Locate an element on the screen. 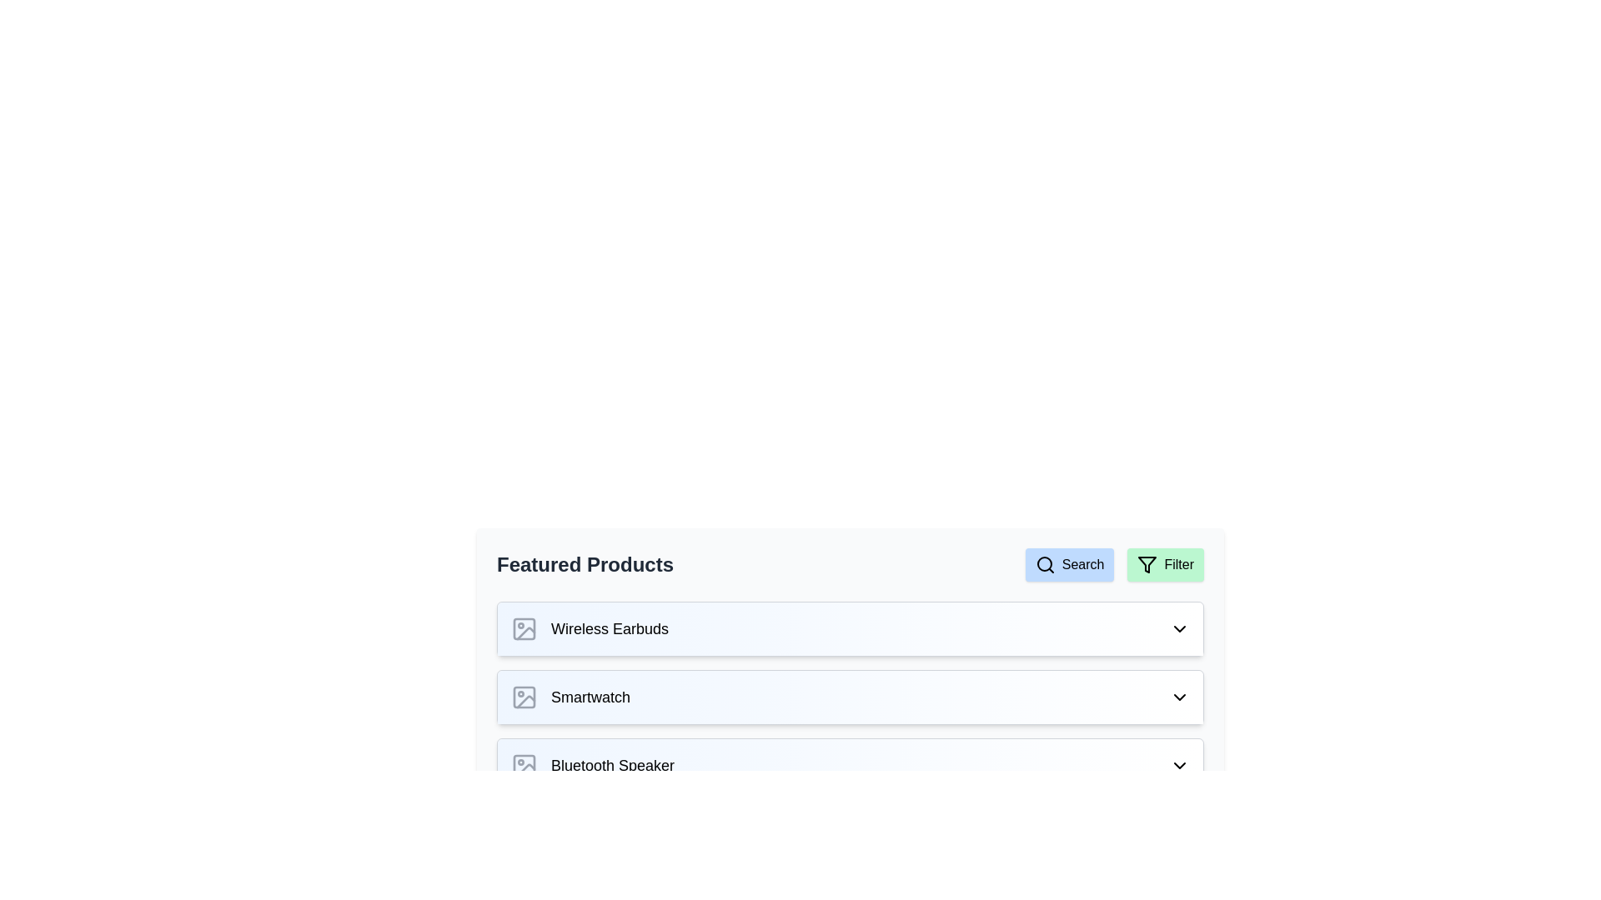 This screenshot has width=1601, height=900. the rounded rectangle visual decoration element within the SVG icon adjacent to the 'Bluetooth Speaker' text in the 'Featured Products' section is located at coordinates (523, 765).